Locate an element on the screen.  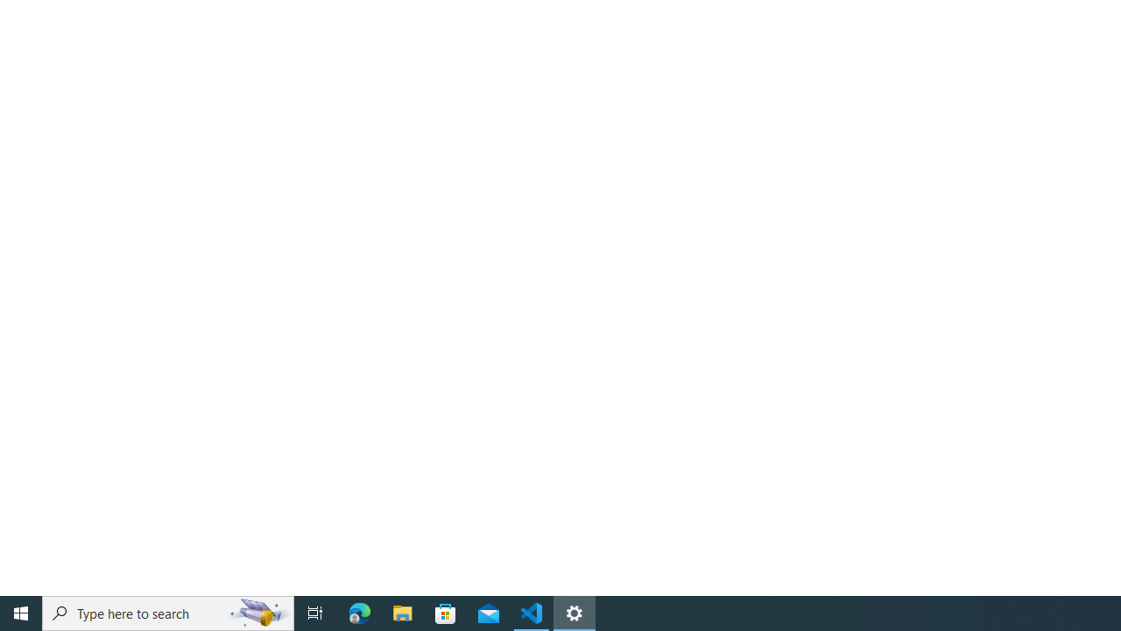
'Start' is located at coordinates (21, 612).